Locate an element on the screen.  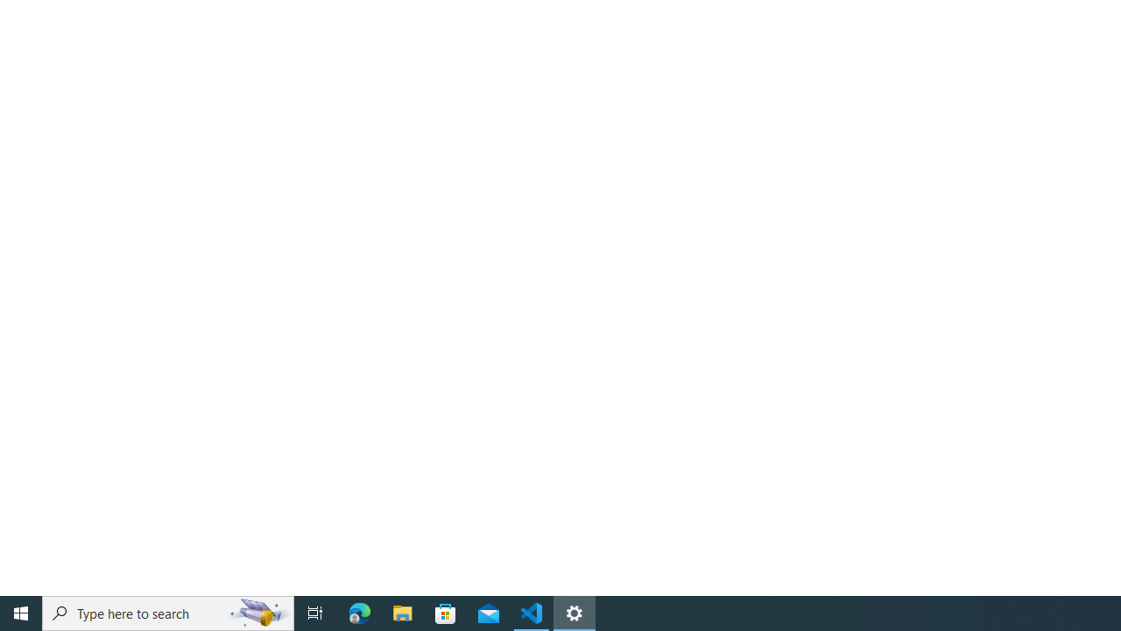
'Start' is located at coordinates (21, 612).